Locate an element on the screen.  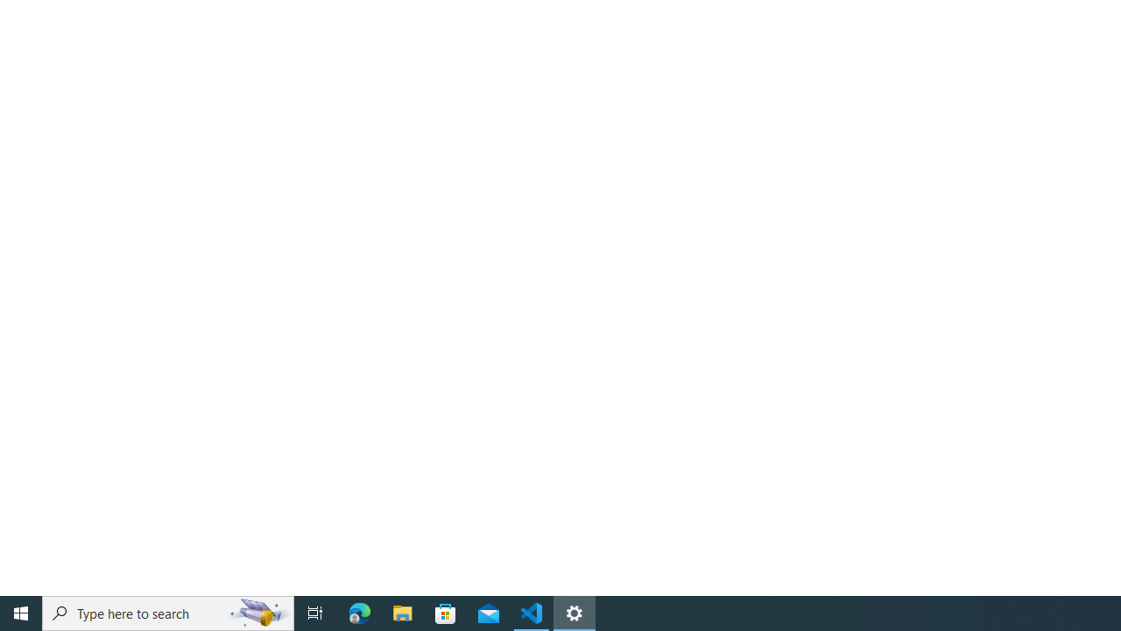
'Start' is located at coordinates (21, 612).